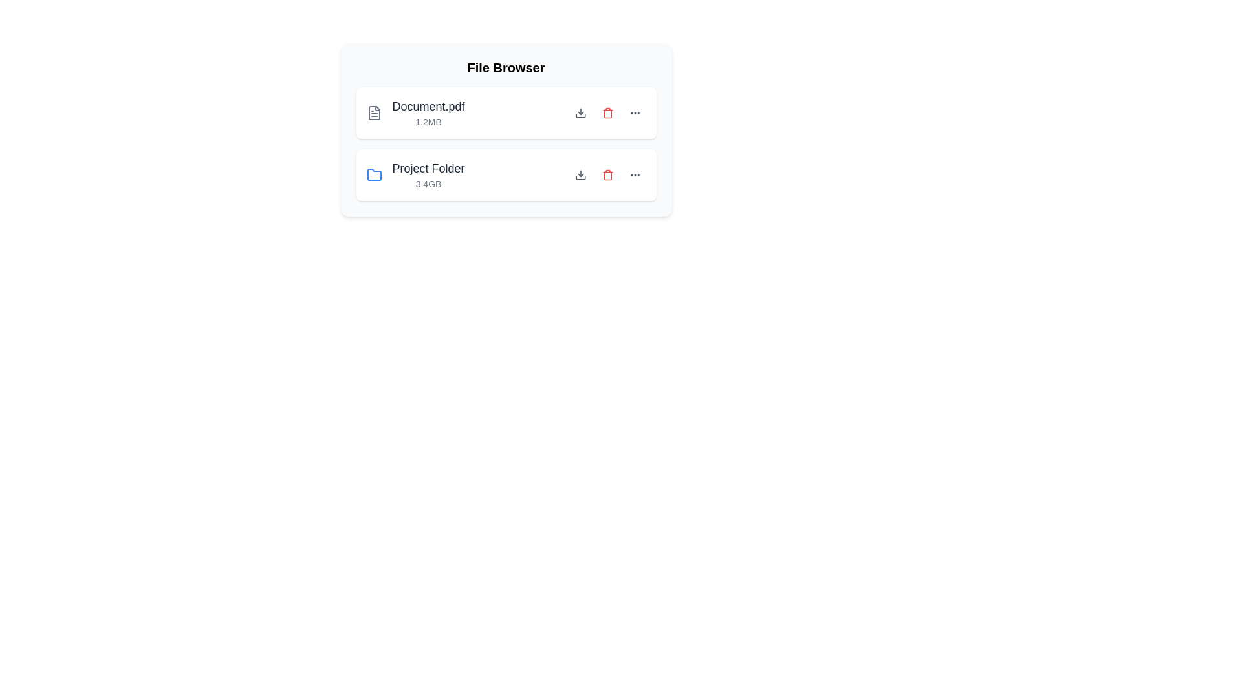  Describe the element at coordinates (580, 174) in the screenshot. I see `the download button for Project Folder` at that location.